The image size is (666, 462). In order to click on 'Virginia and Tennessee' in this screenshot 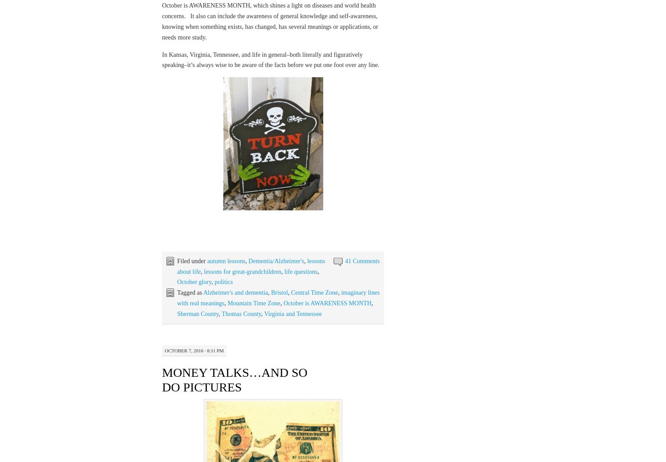, I will do `click(264, 313)`.